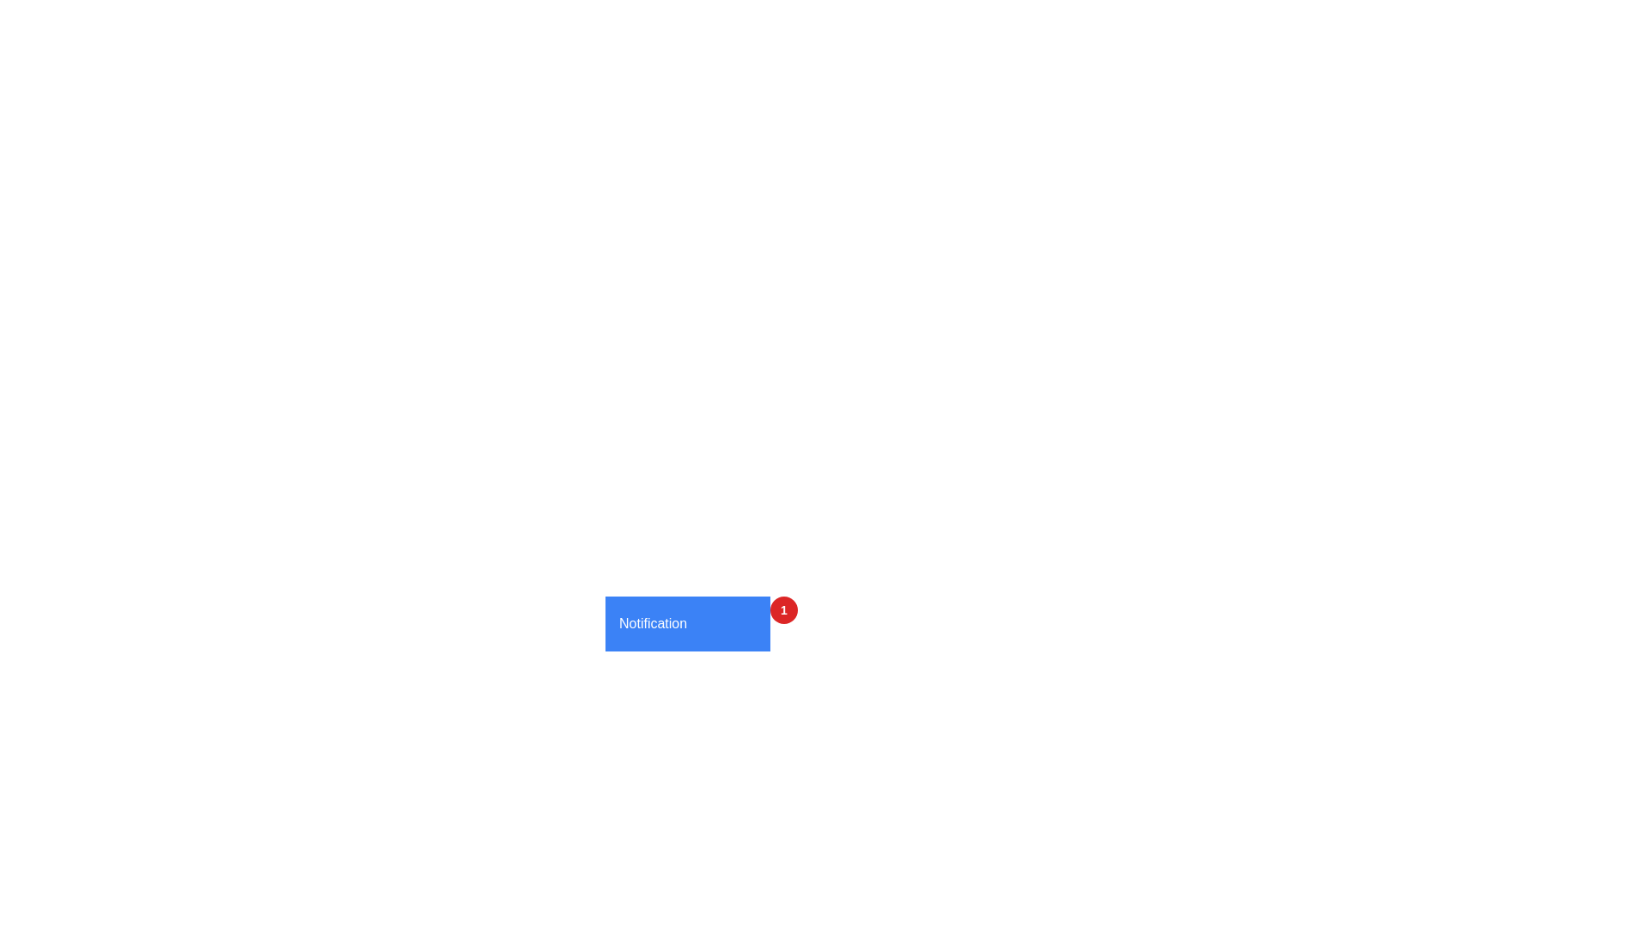  Describe the element at coordinates (652, 623) in the screenshot. I see `the 'Notification' label, which is part of a blue rectangular area with white text and a red circular badge displaying the number '1'` at that location.